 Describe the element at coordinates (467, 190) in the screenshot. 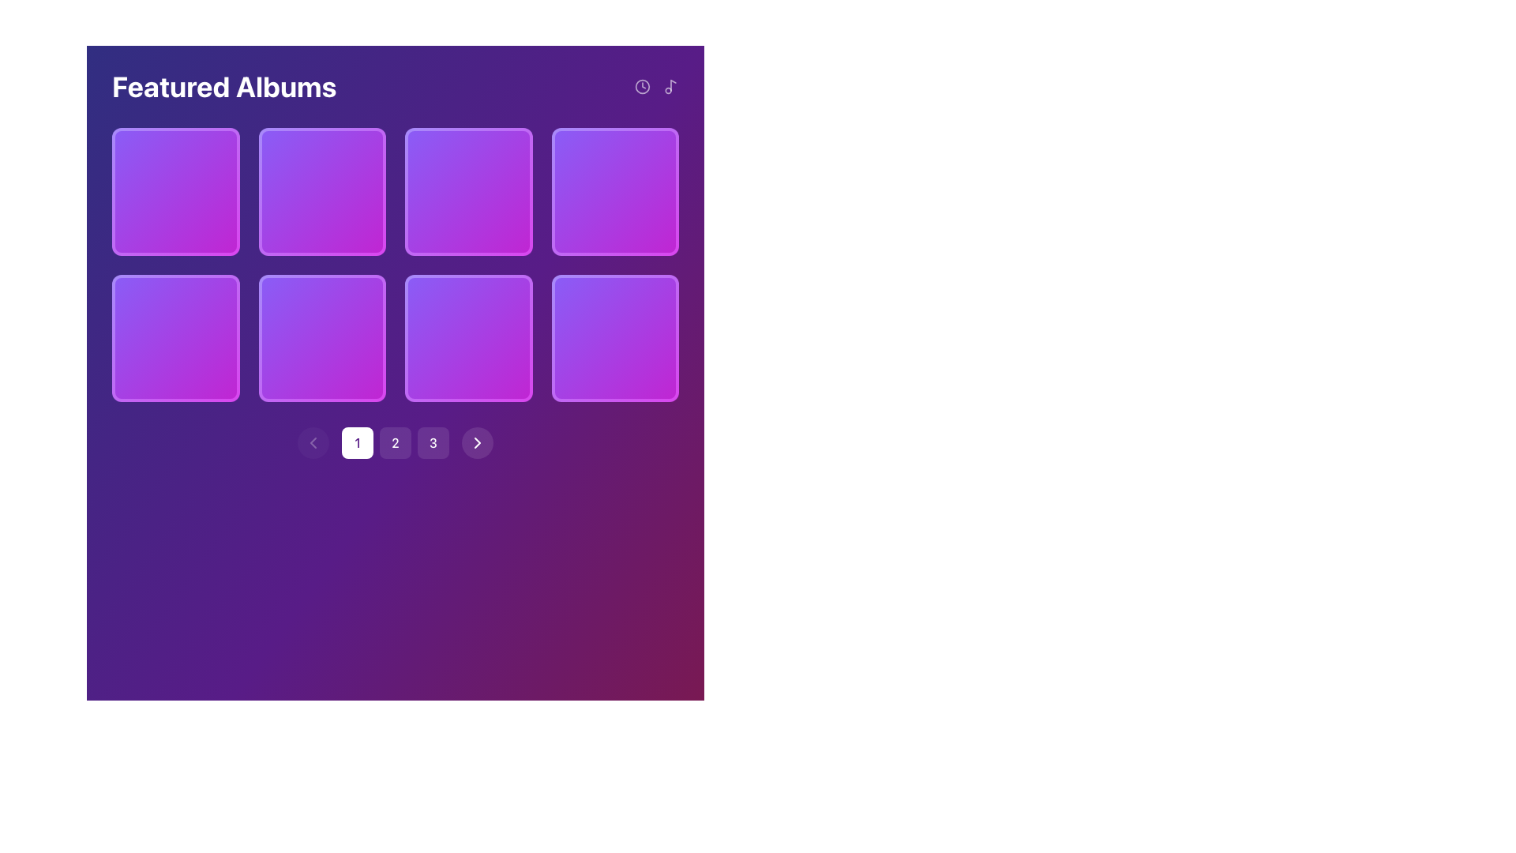

I see `the vibrant gradient-filled album card located in the second column of the first row` at that location.